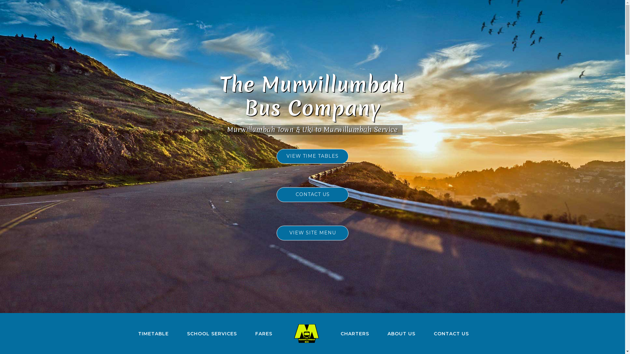 Image resolution: width=630 pixels, height=354 pixels. What do you see at coordinates (312, 232) in the screenshot?
I see `'VIEW SITE MENU'` at bounding box center [312, 232].